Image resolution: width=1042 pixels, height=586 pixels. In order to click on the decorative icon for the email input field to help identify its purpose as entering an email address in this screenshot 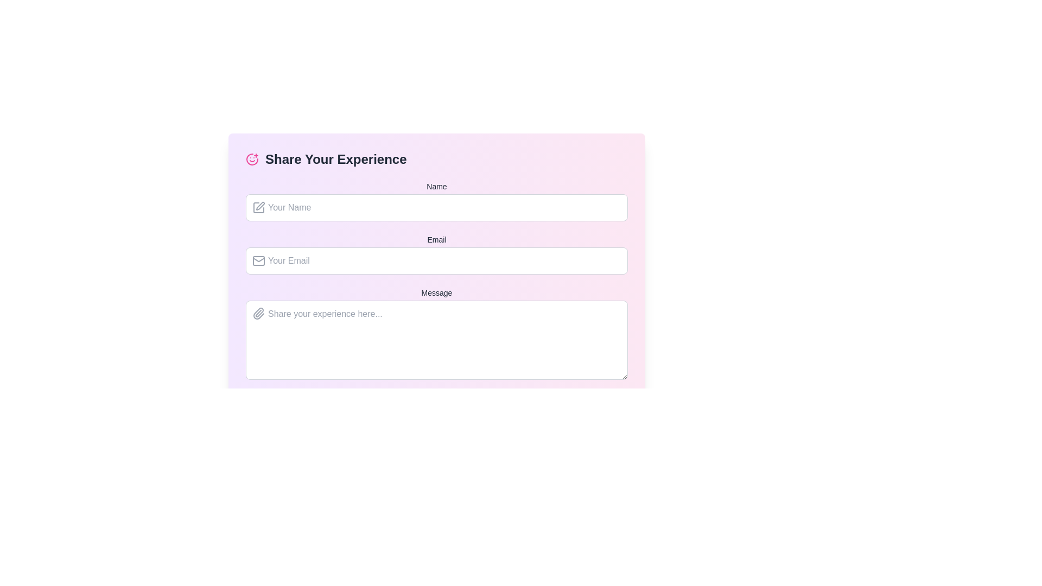, I will do `click(258, 261)`.